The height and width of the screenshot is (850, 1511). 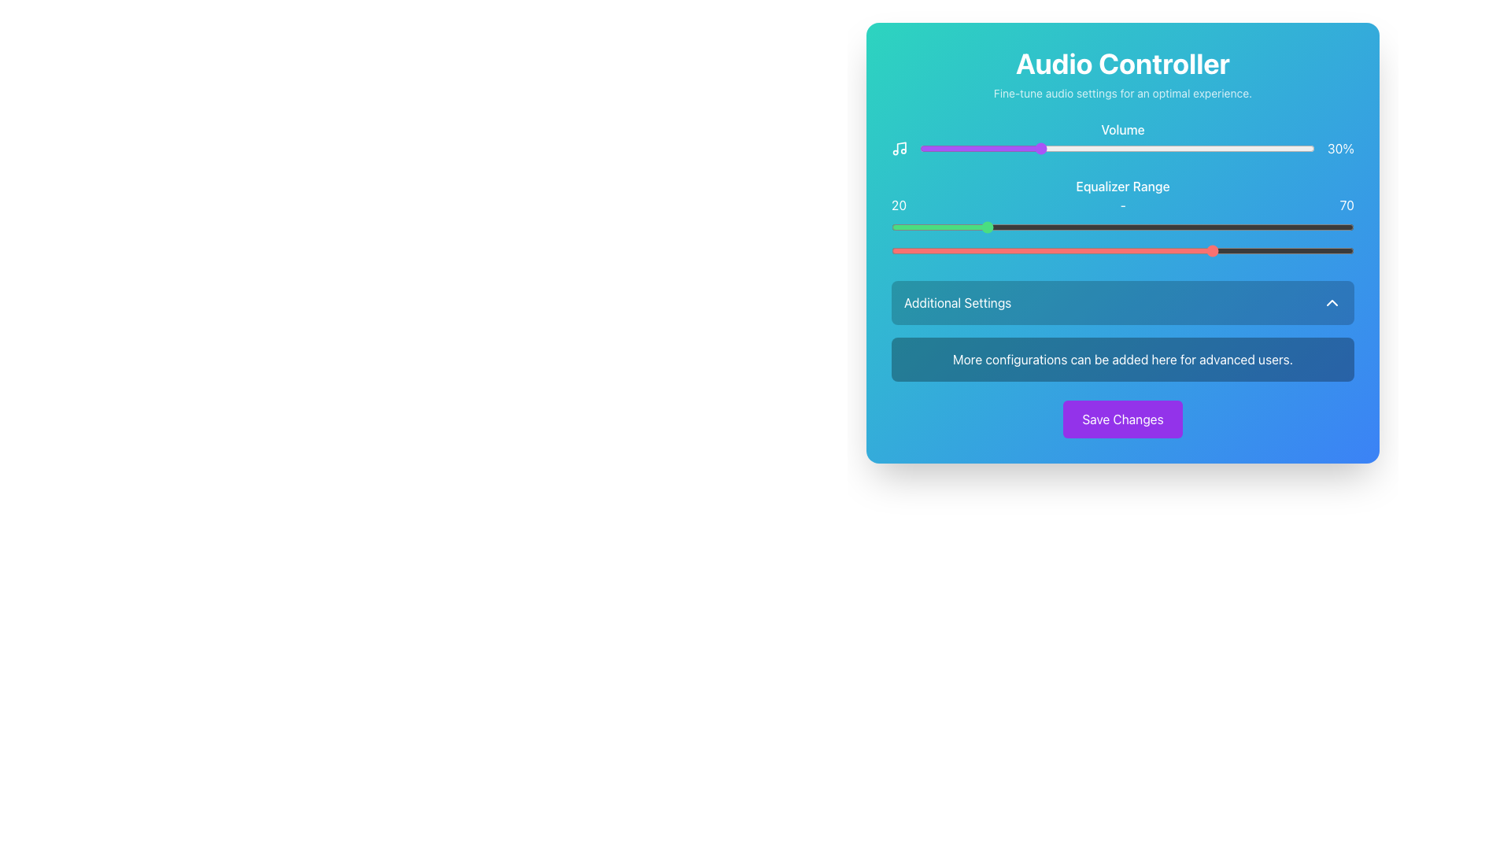 I want to click on the toggle button in the top-right corner of the 'Additional Settings' section, so click(x=1332, y=303).